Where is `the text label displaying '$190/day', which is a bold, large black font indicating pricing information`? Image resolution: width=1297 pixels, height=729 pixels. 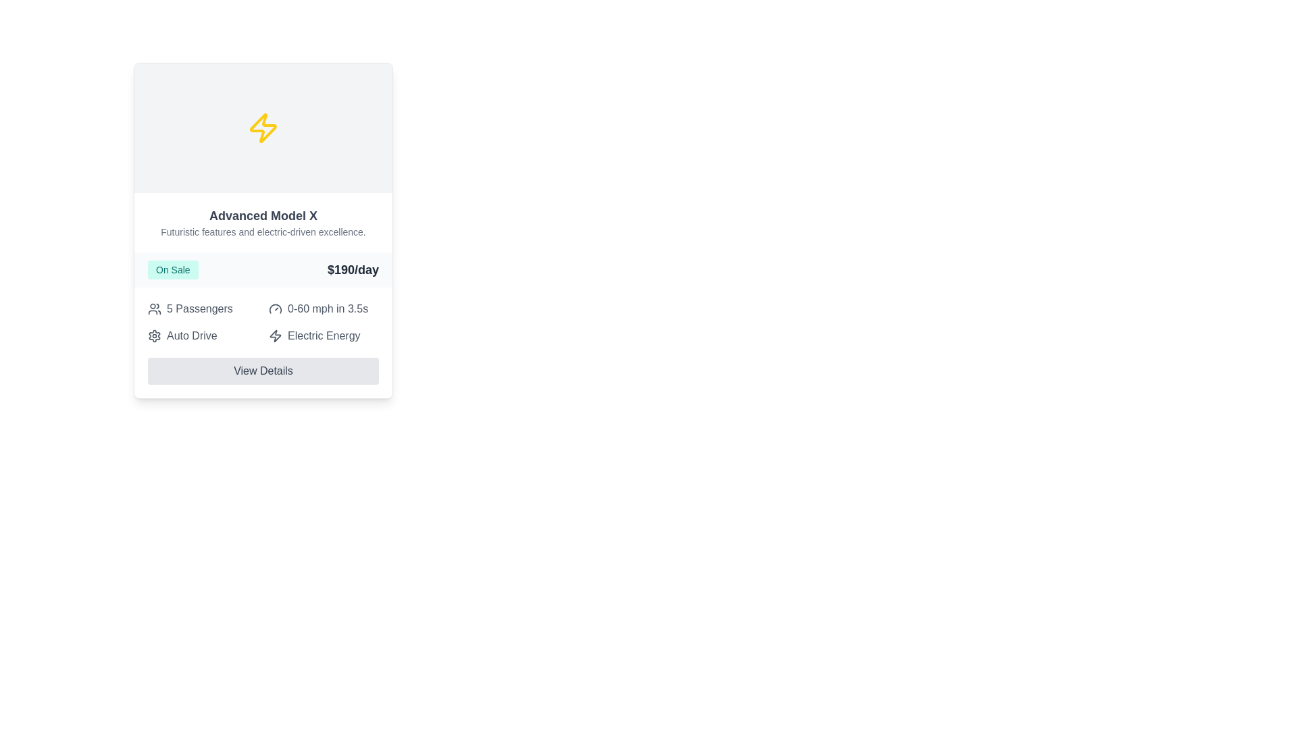 the text label displaying '$190/day', which is a bold, large black font indicating pricing information is located at coordinates (353, 270).